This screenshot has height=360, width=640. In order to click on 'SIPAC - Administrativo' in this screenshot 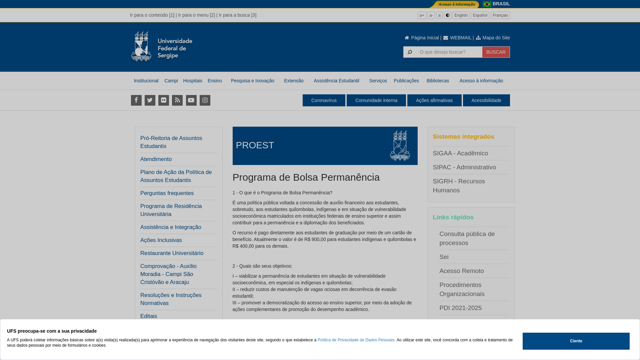, I will do `click(464, 167)`.